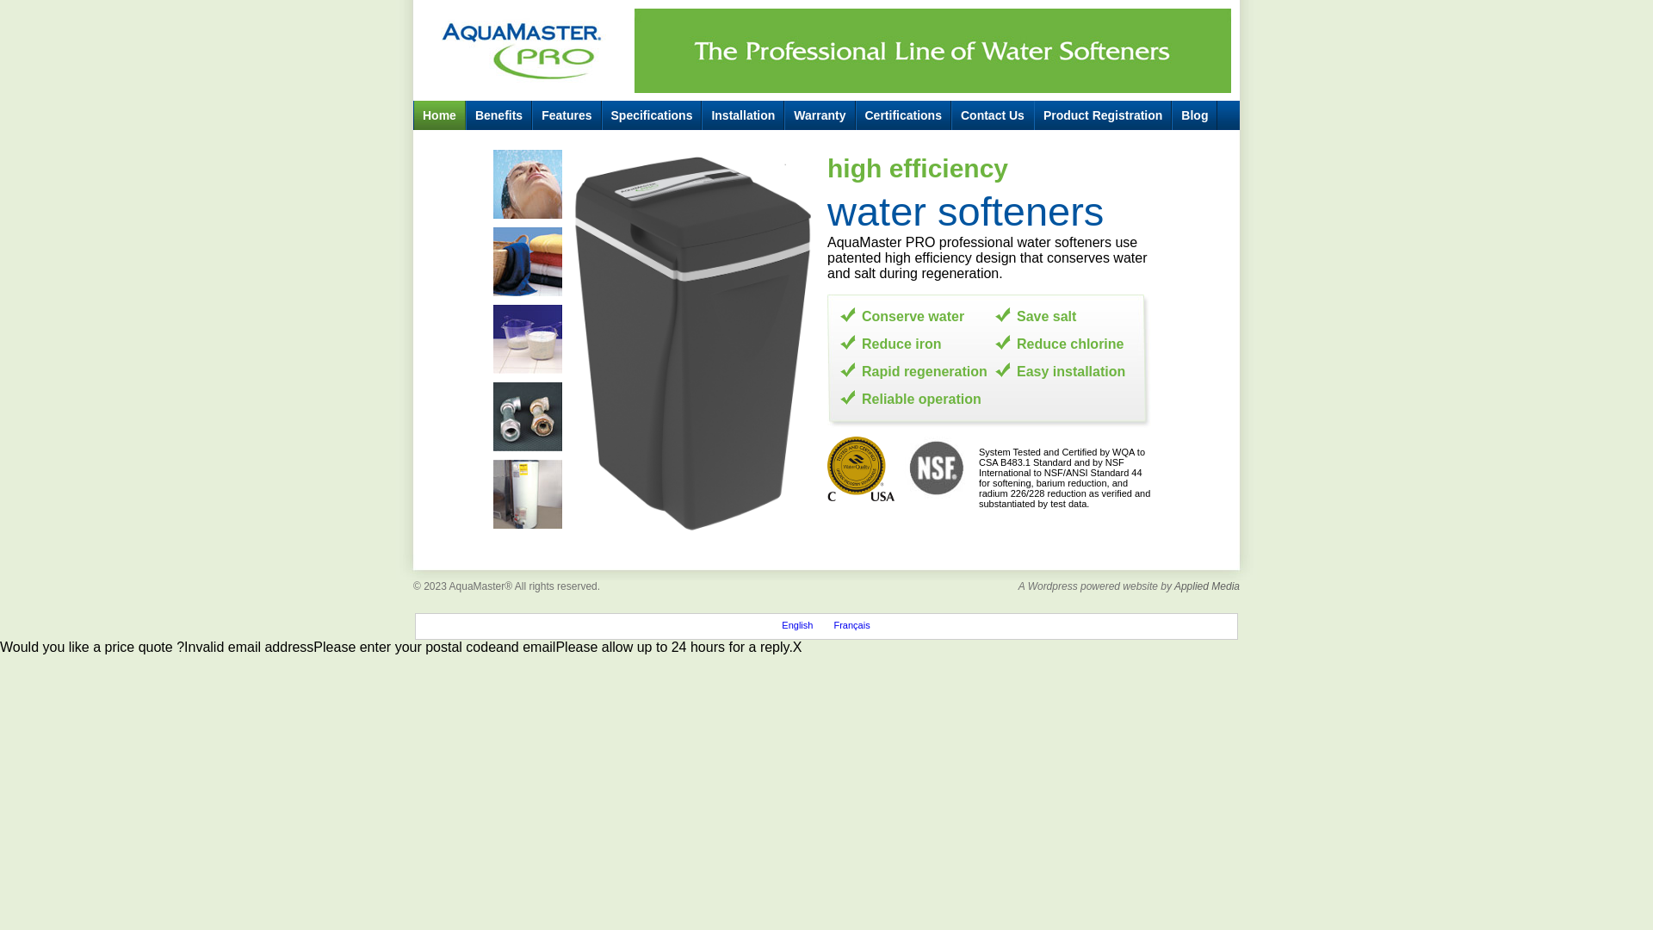 Image resolution: width=1653 pixels, height=930 pixels. I want to click on 'Aquamaster Pro - Return to homepage', so click(522, 46).